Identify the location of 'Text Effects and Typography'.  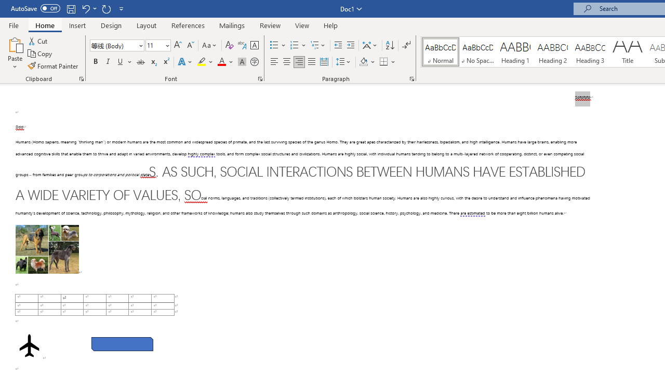
(185, 62).